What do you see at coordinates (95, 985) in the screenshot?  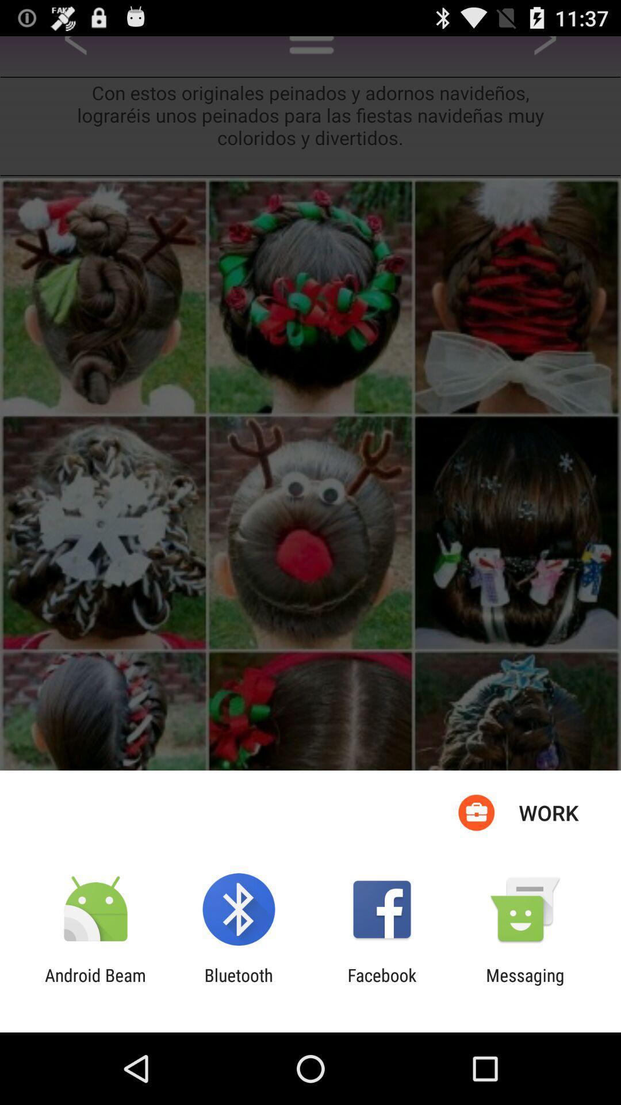 I see `item to the left of the bluetooth item` at bounding box center [95, 985].